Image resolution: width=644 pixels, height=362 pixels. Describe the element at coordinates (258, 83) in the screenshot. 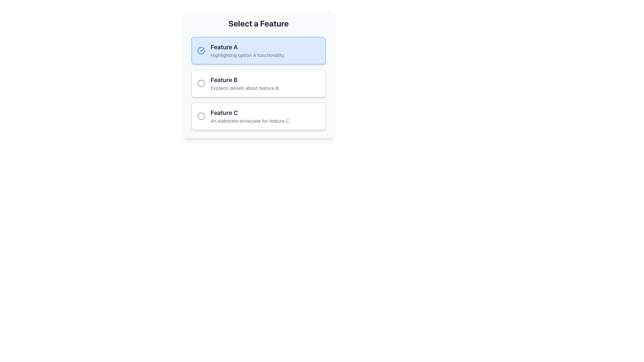

I see `the second radio button option labeled 'Feature B'` at that location.